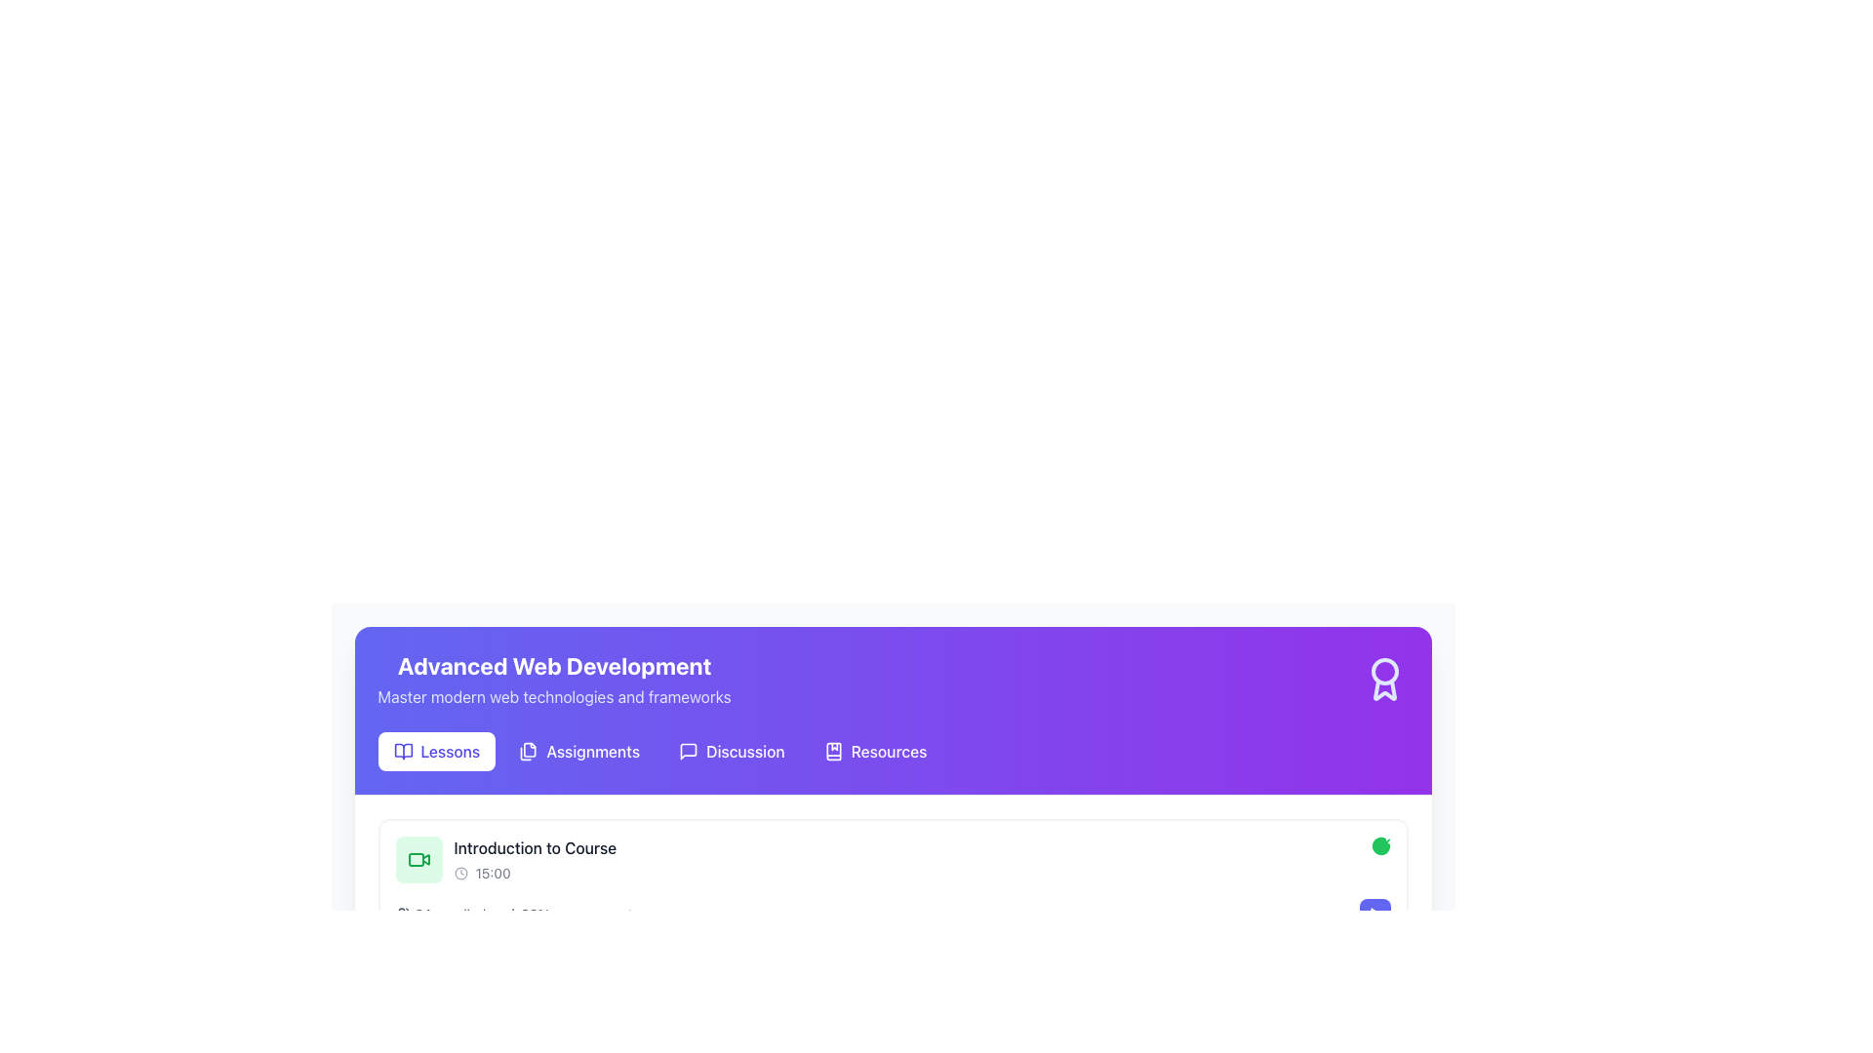 The width and height of the screenshot is (1873, 1053). Describe the element at coordinates (833, 751) in the screenshot. I see `the Icon located in the upper-right corner of the purple header bar, which symbolizes marking or saving content` at that location.